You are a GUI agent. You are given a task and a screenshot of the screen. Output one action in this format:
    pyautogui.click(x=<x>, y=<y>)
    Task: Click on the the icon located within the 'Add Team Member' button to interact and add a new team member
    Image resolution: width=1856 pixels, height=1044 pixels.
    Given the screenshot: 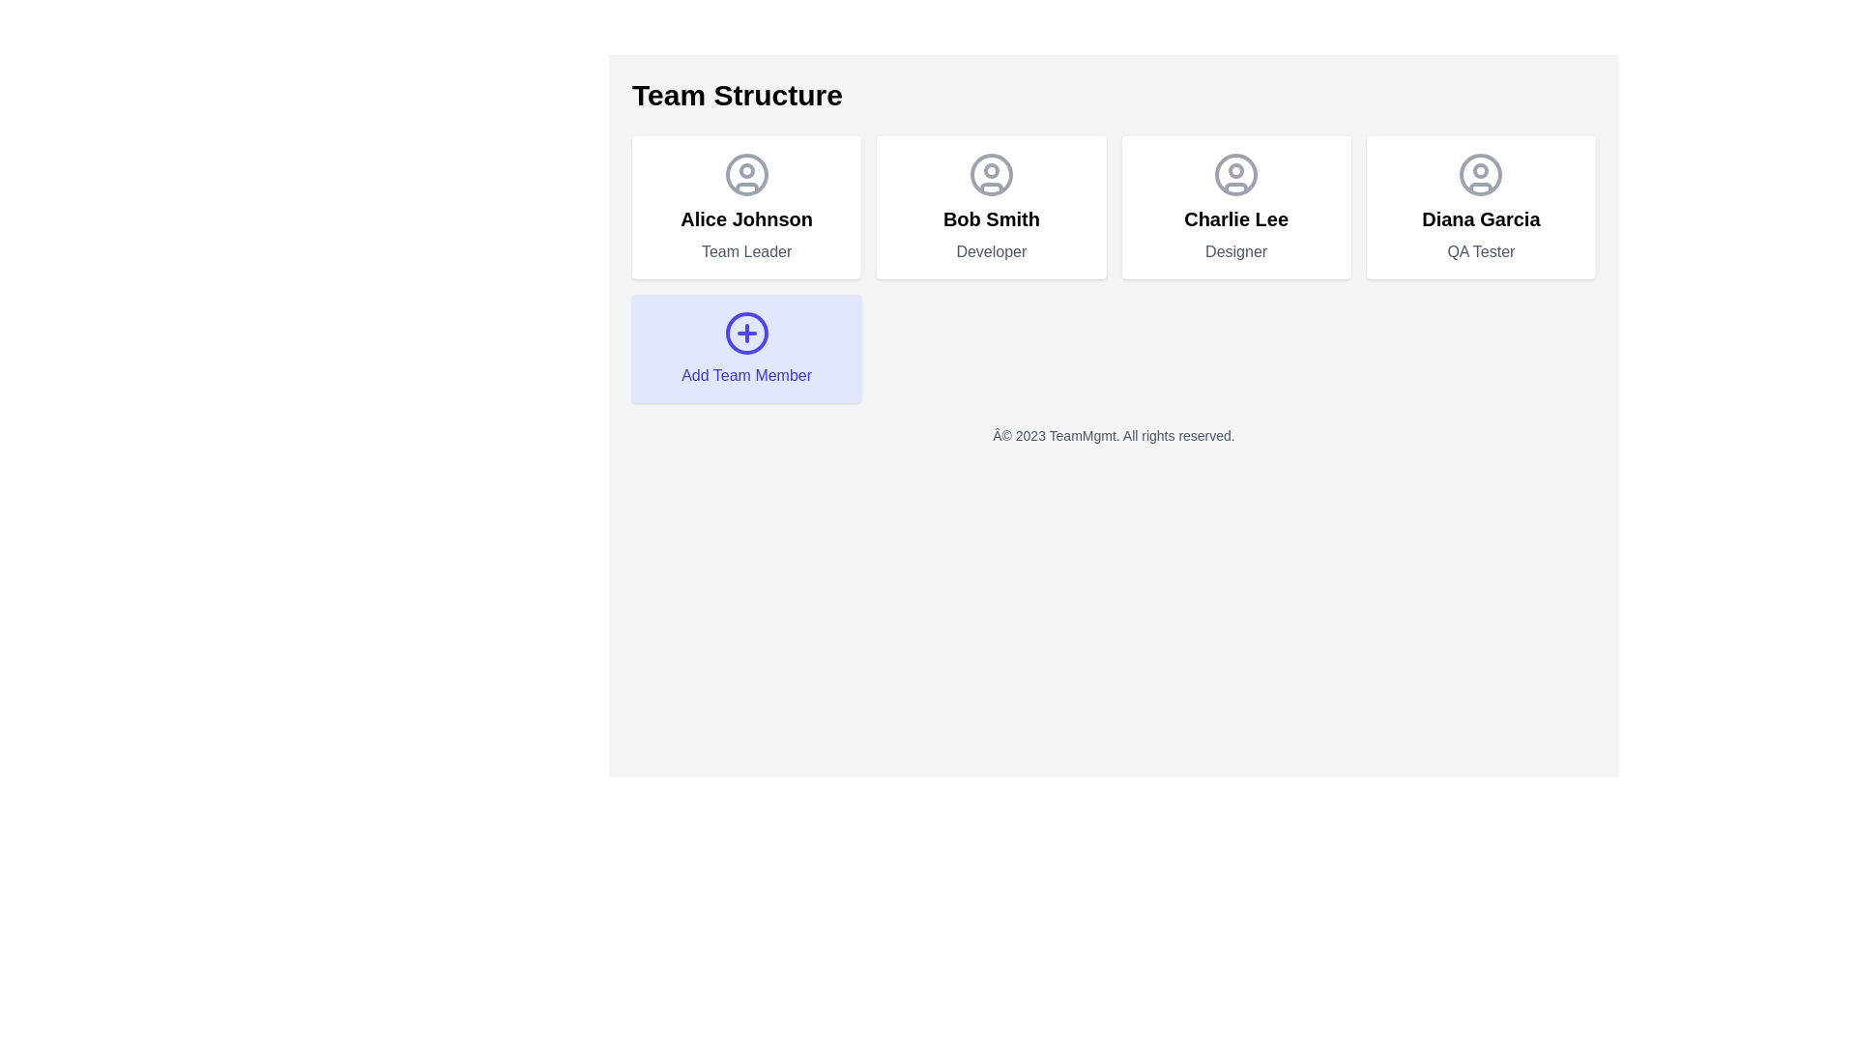 What is the action you would take?
    pyautogui.click(x=745, y=332)
    